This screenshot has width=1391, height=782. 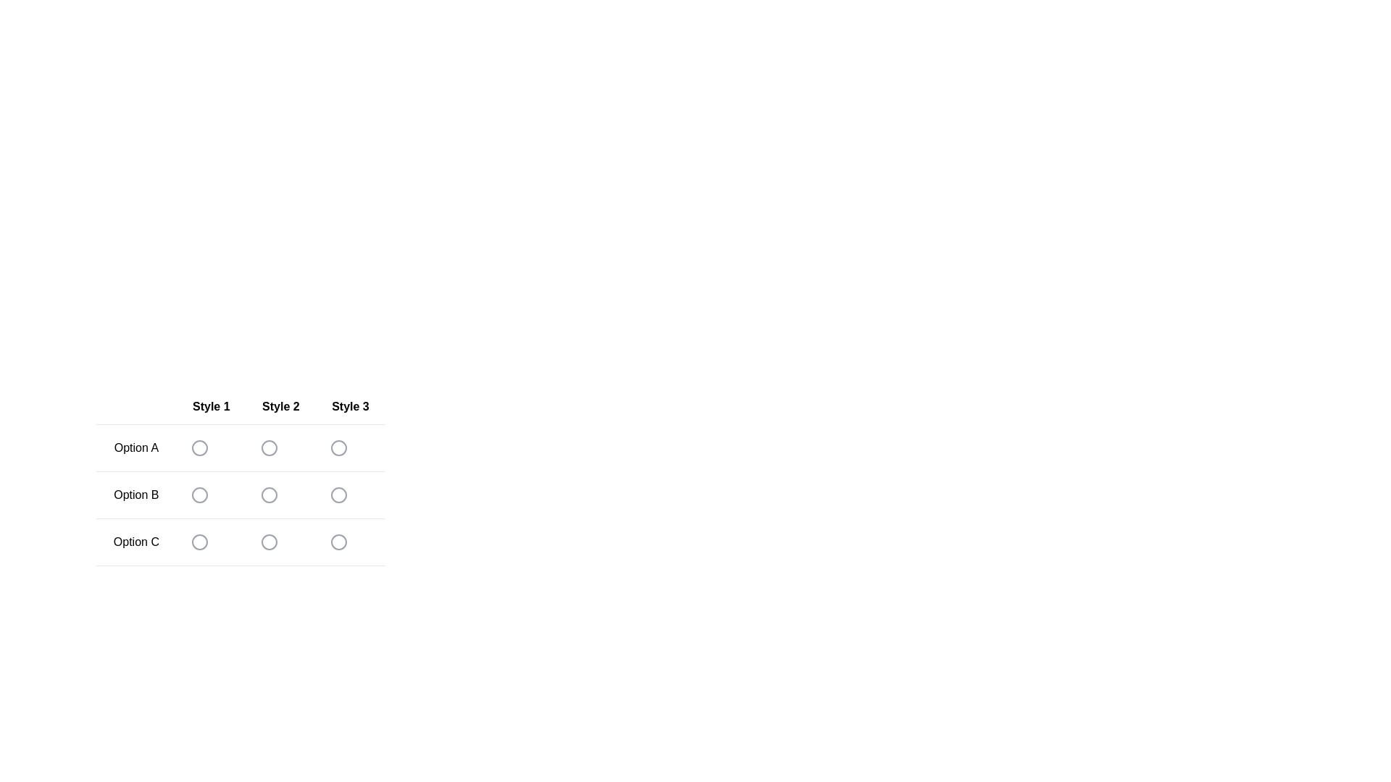 What do you see at coordinates (269, 494) in the screenshot?
I see `the unselected radio button in the second row, second column of a 3x3 grid` at bounding box center [269, 494].